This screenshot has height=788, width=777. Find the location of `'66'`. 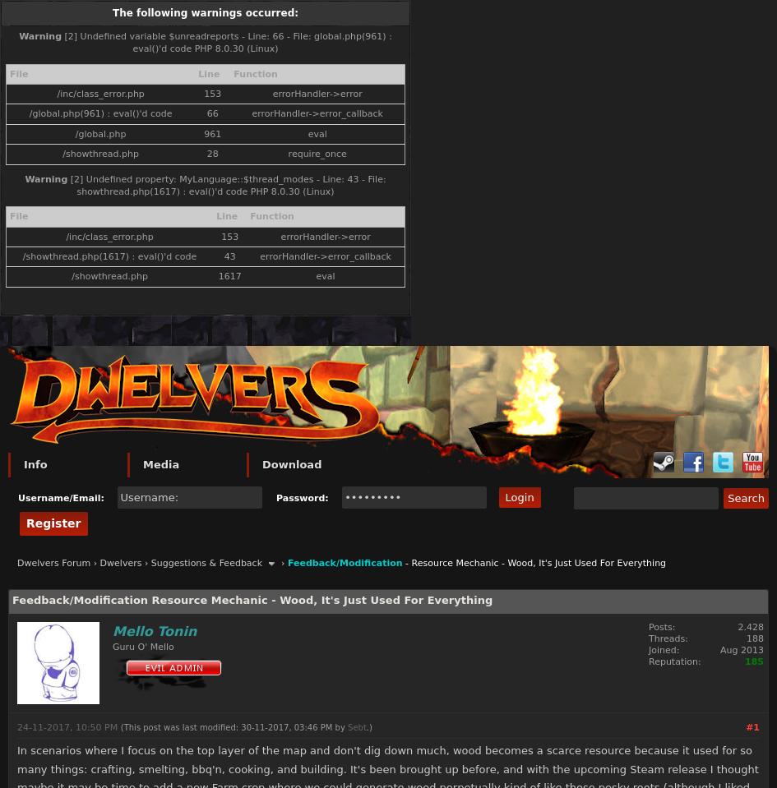

'66' is located at coordinates (210, 113).